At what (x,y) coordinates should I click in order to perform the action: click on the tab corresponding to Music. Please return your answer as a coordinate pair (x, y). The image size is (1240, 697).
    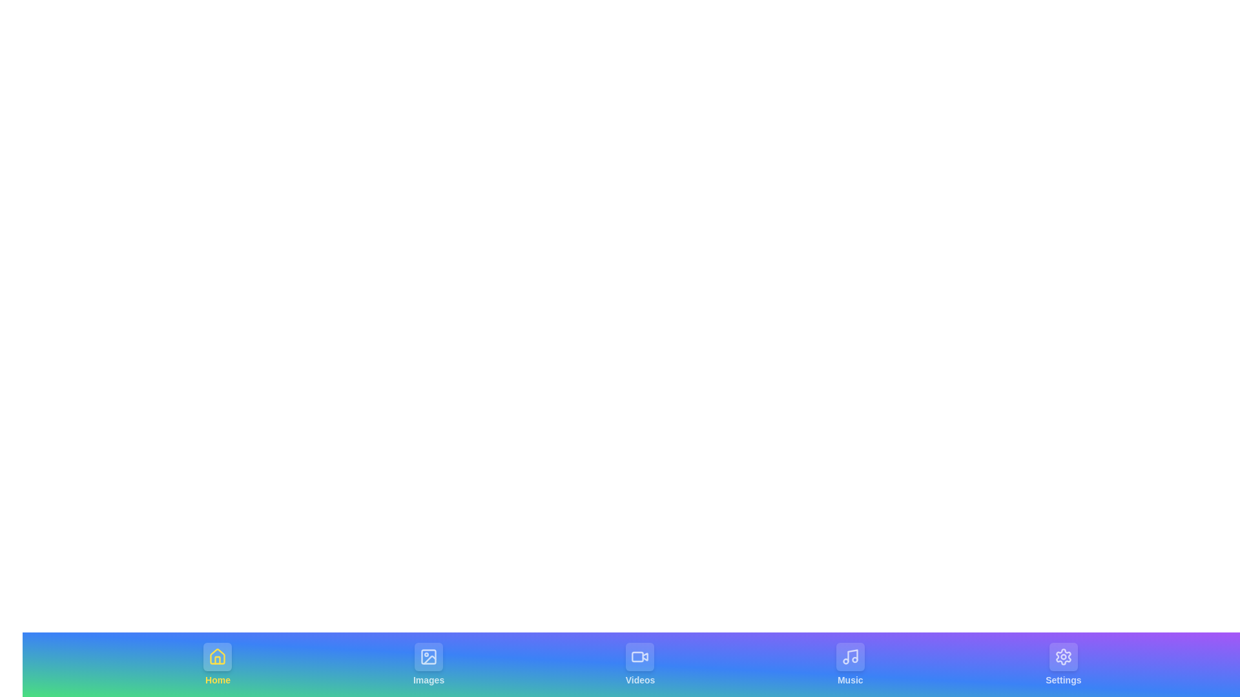
    Looking at the image, I should click on (850, 664).